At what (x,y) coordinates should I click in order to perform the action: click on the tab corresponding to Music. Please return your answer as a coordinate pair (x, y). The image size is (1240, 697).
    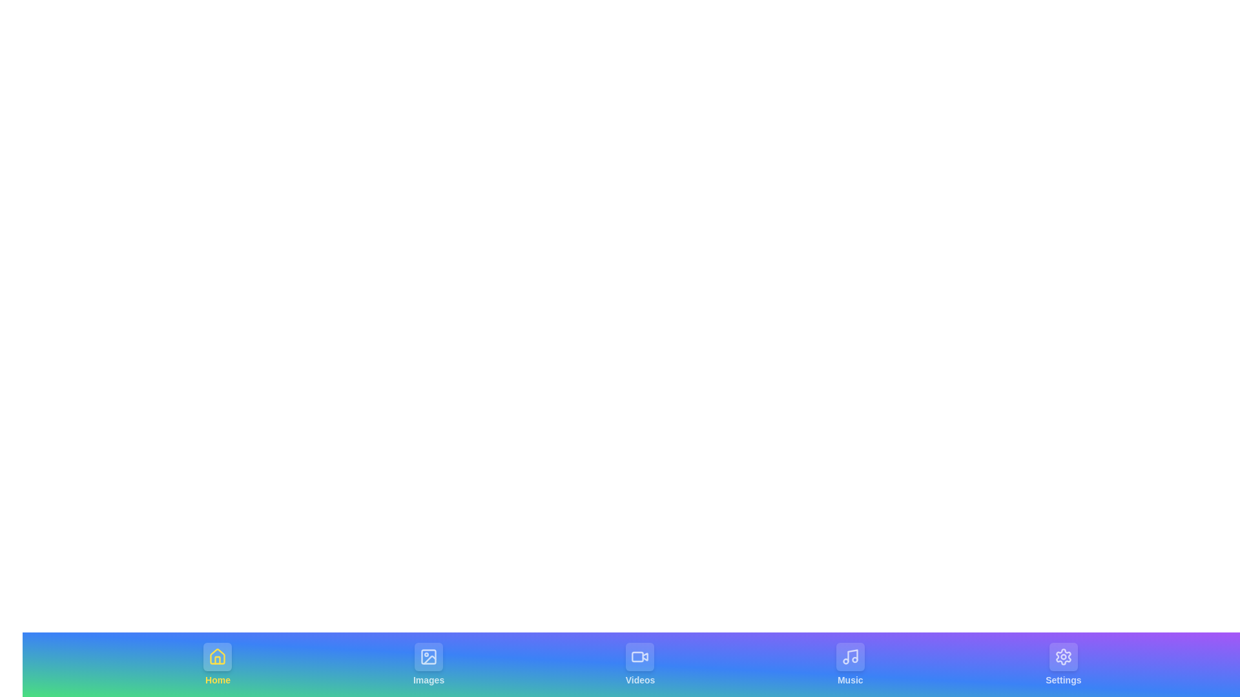
    Looking at the image, I should click on (850, 664).